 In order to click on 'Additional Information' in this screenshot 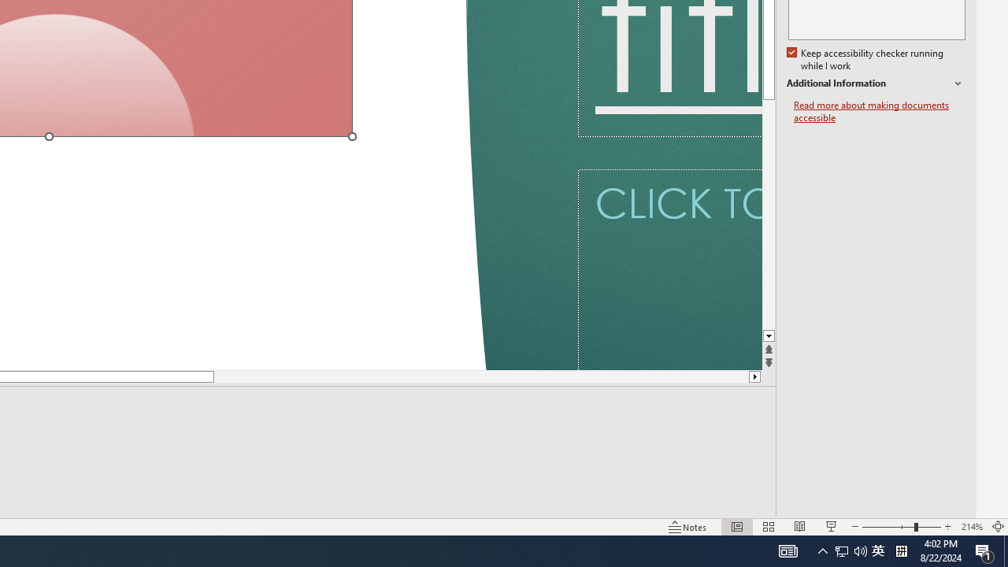, I will do `click(875, 83)`.